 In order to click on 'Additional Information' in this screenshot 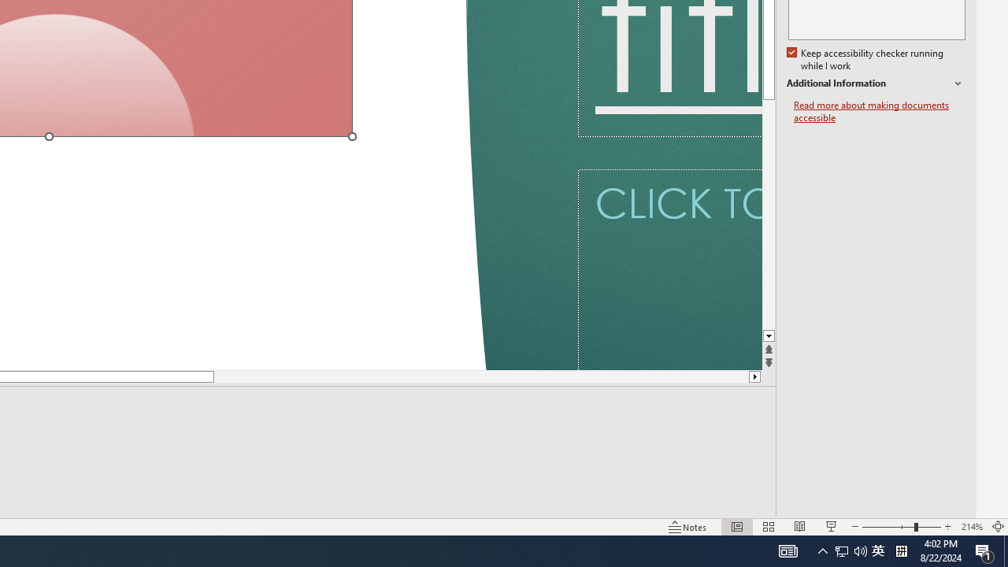, I will do `click(875, 83)`.